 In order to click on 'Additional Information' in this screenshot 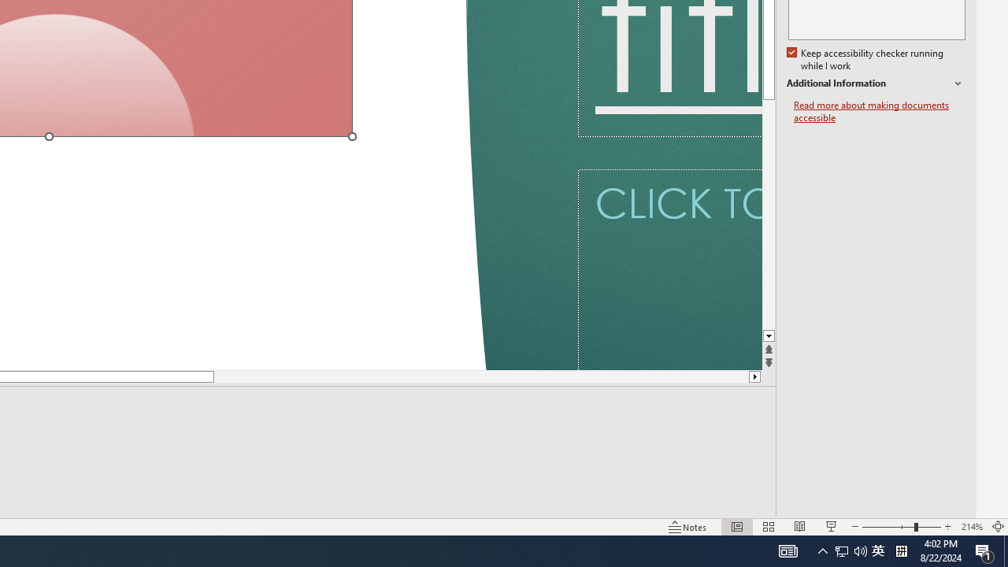, I will do `click(875, 83)`.